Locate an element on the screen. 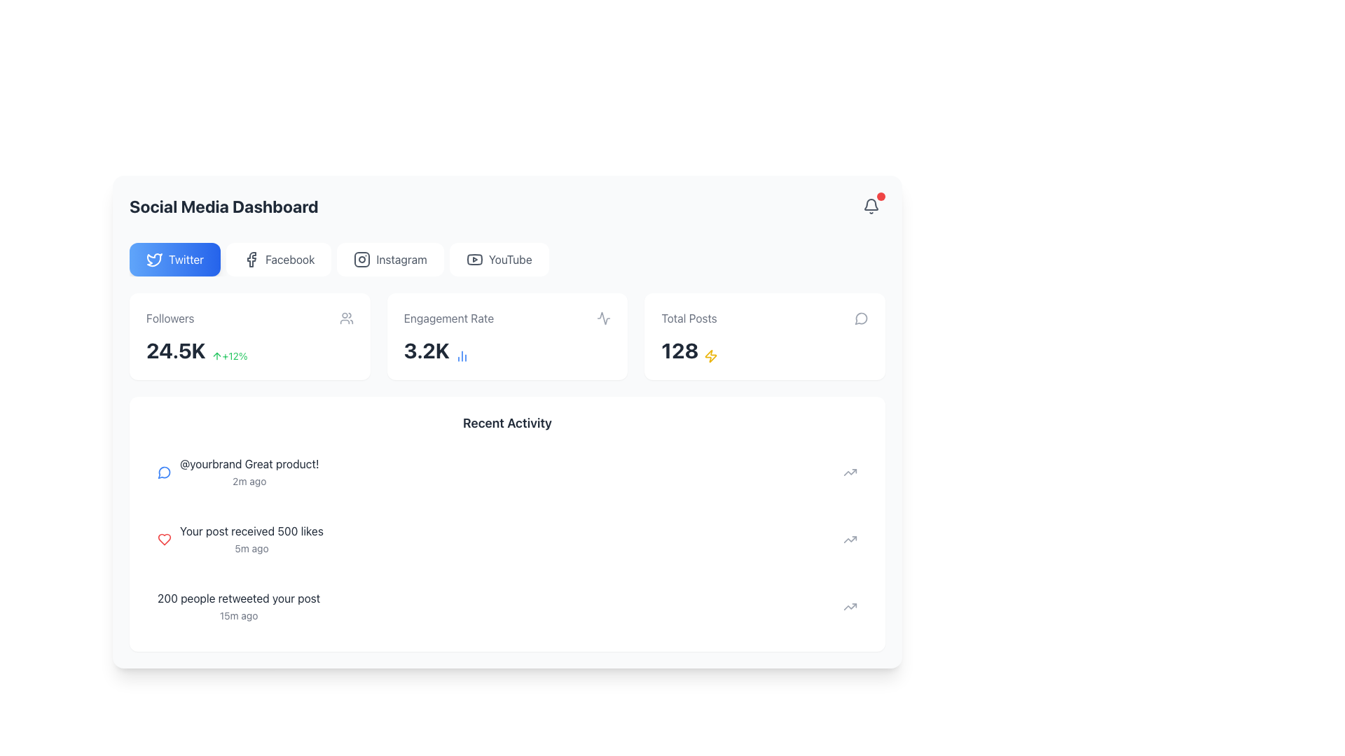  the text element displaying user comments in the 'Recent Activity' section of the social media dashboard, which is positioned above the timestamp '2m ago' is located at coordinates (249, 464).